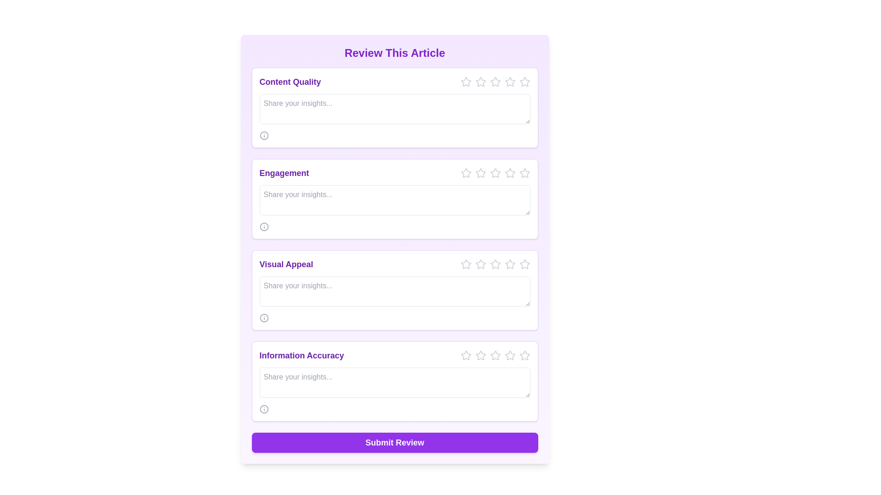 This screenshot has width=881, height=495. What do you see at coordinates (465, 355) in the screenshot?
I see `the first star icon from the left in the 'Information Accuracy' rating section` at bounding box center [465, 355].